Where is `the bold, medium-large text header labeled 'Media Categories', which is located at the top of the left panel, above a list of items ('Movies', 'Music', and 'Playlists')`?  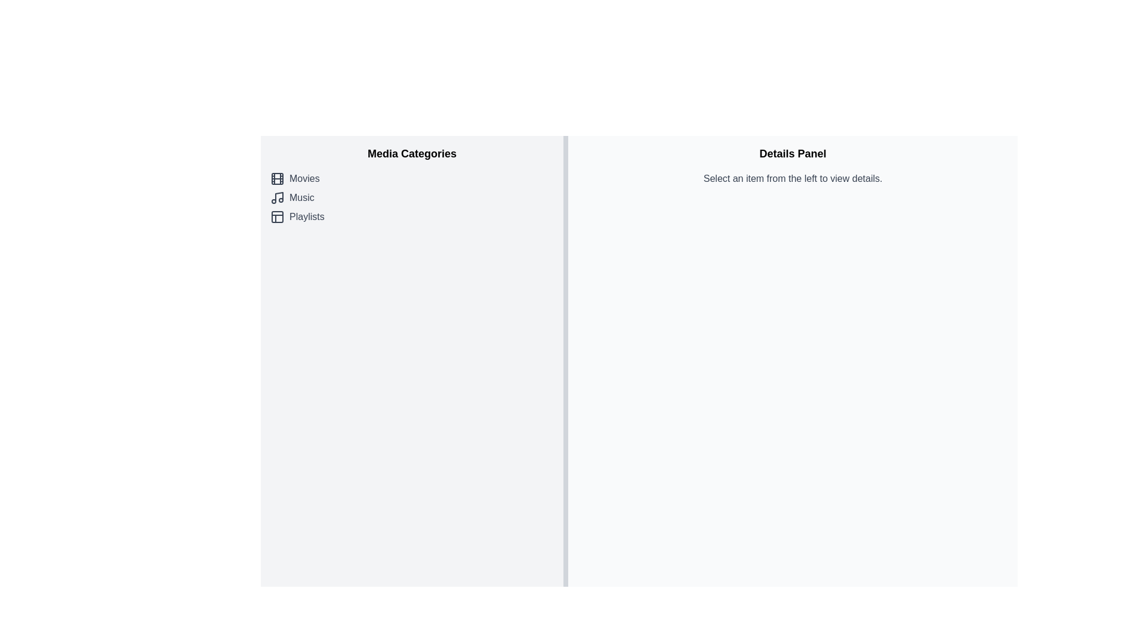 the bold, medium-large text header labeled 'Media Categories', which is located at the top of the left panel, above a list of items ('Movies', 'Music', and 'Playlists') is located at coordinates (412, 153).